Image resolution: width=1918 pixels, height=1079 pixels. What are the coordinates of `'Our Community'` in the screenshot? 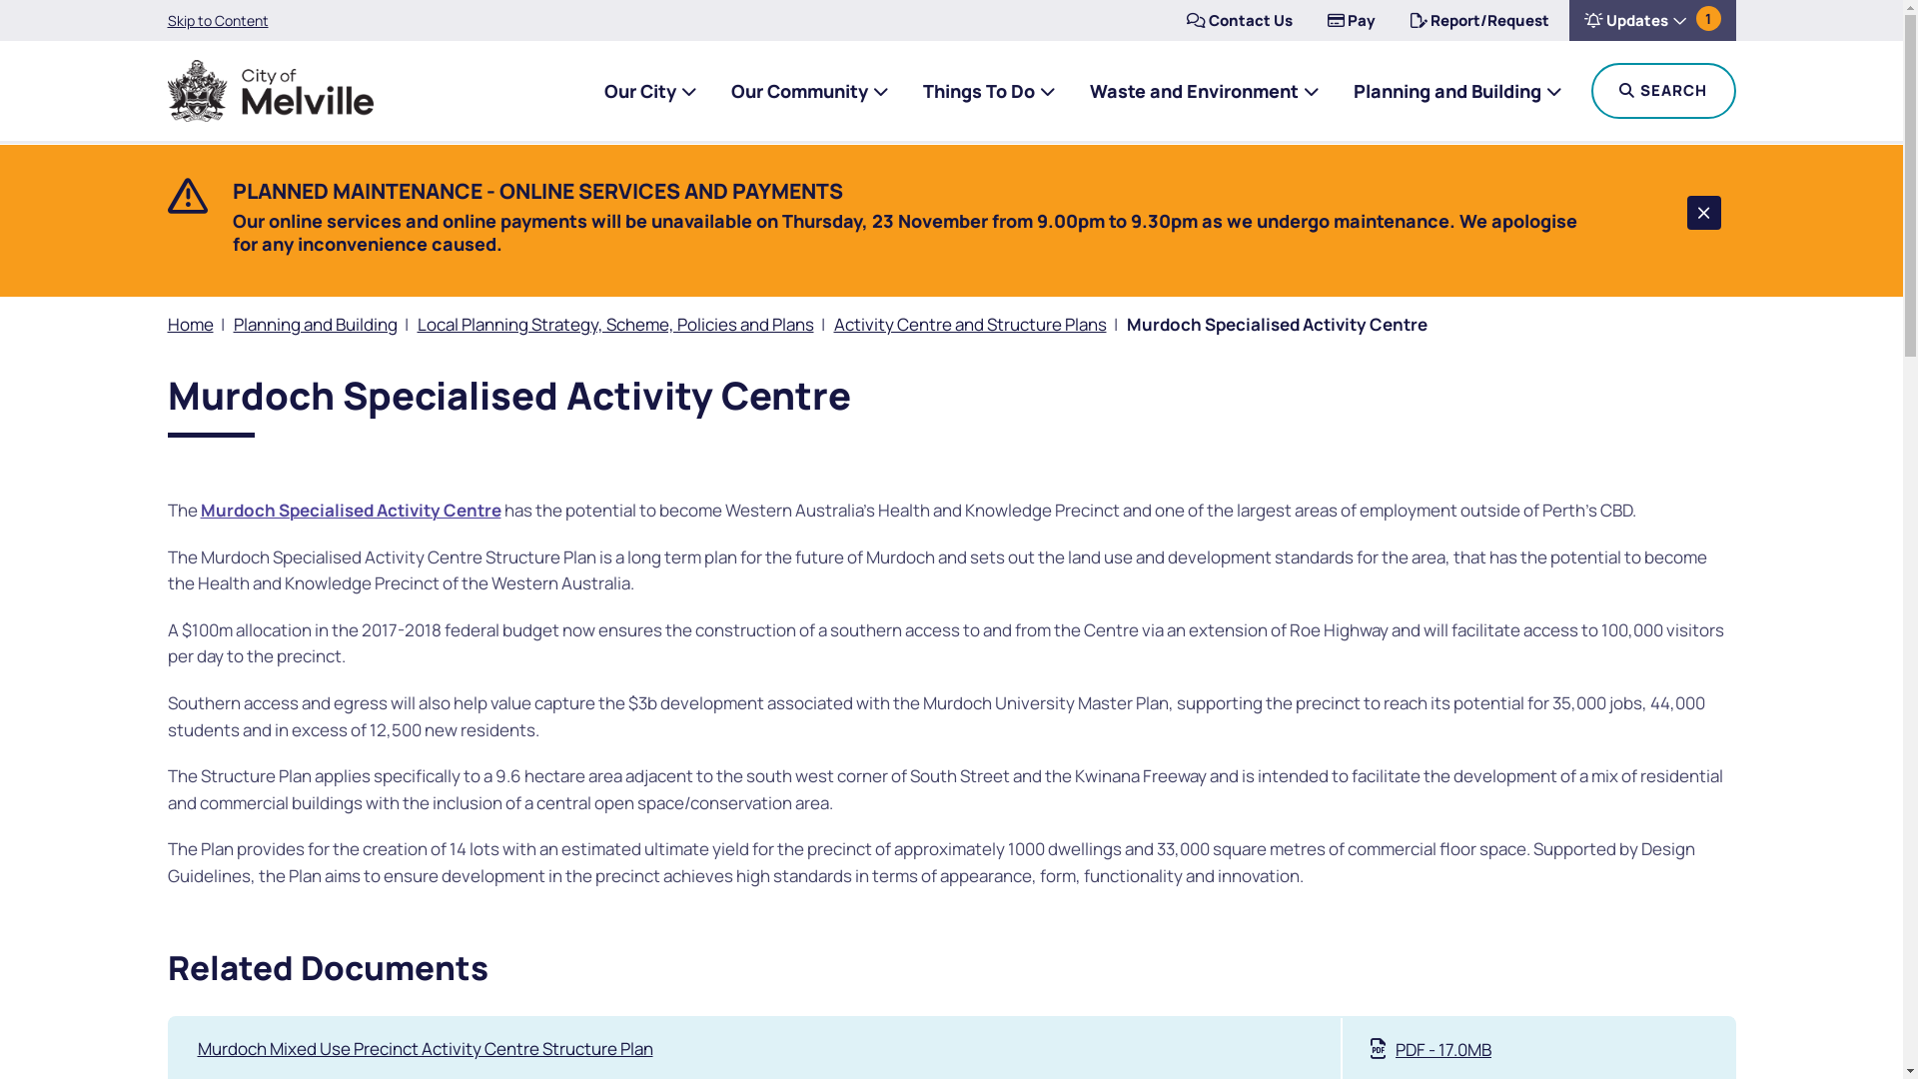 It's located at (809, 91).